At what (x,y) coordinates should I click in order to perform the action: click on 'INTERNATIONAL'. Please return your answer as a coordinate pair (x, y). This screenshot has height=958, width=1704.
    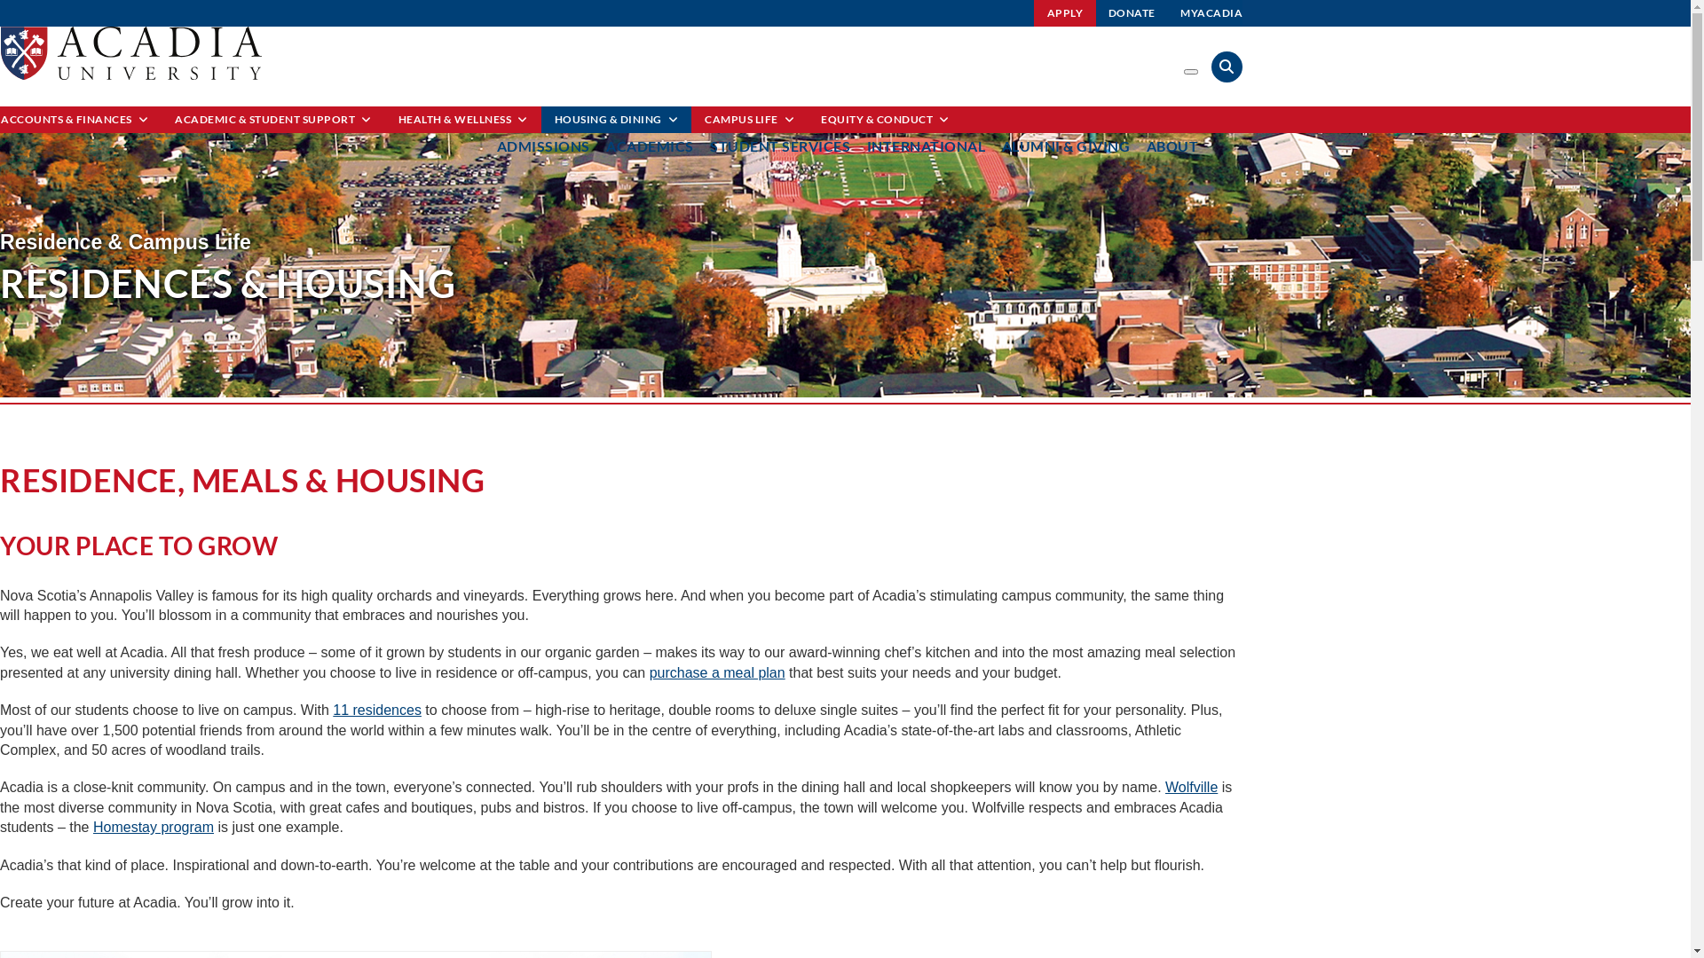
    Looking at the image, I should click on (924, 145).